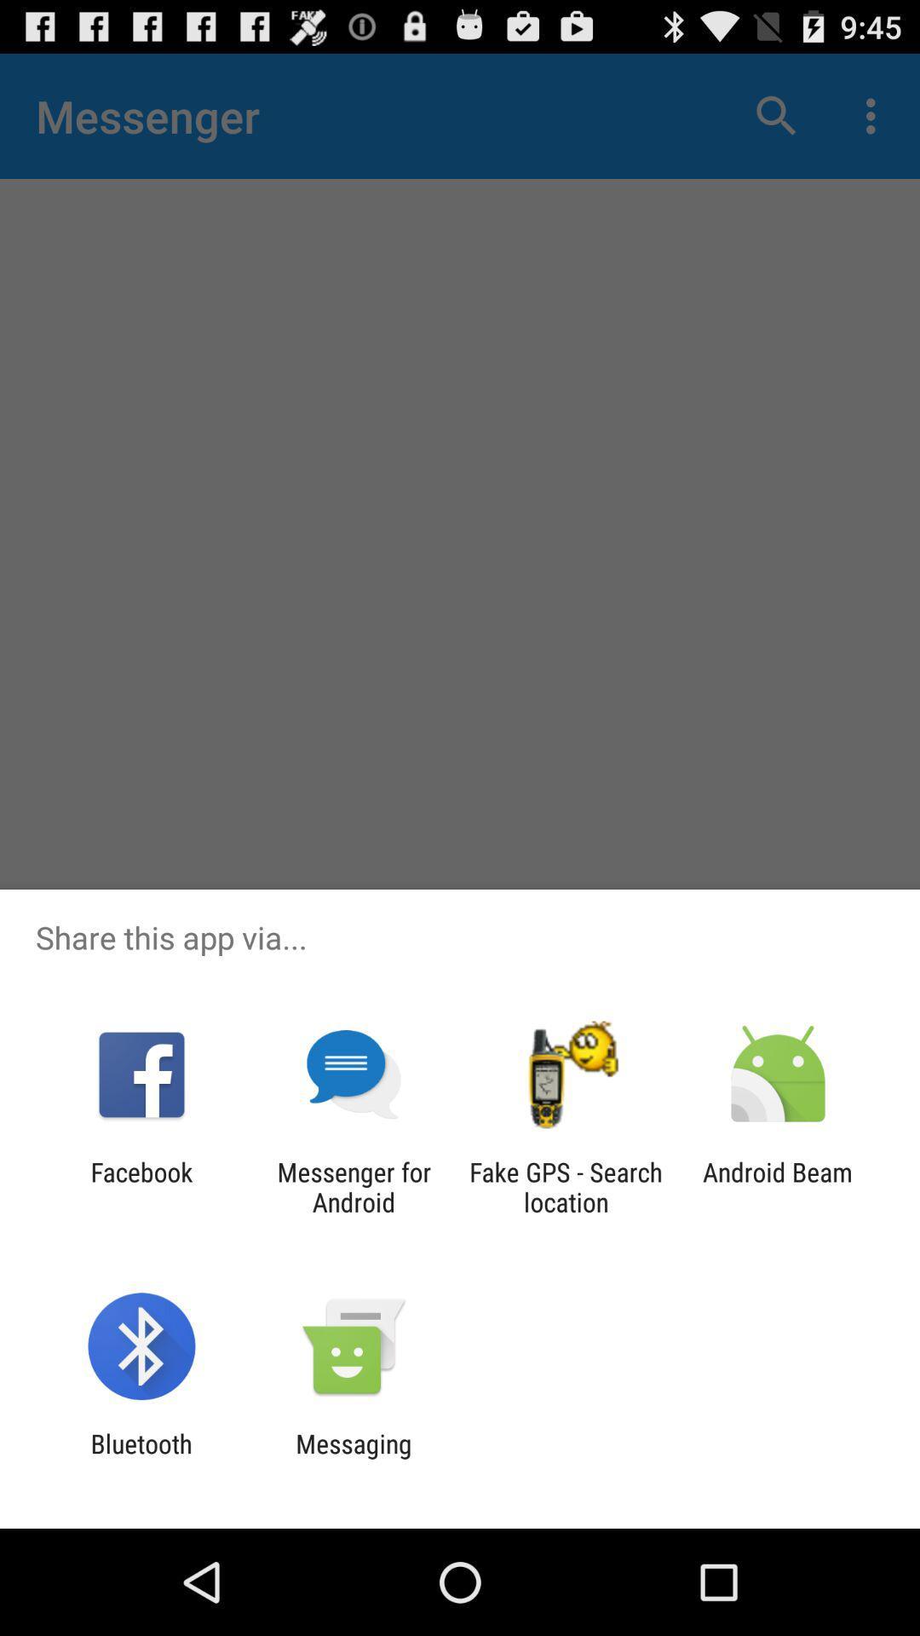 The height and width of the screenshot is (1636, 920). What do you see at coordinates (566, 1186) in the screenshot?
I see `the item to the left of the android beam` at bounding box center [566, 1186].